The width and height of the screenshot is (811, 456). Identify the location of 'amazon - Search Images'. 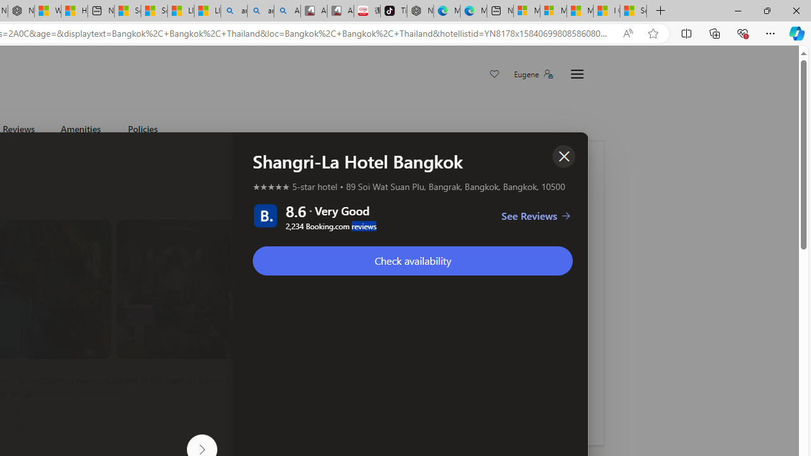
(260, 11).